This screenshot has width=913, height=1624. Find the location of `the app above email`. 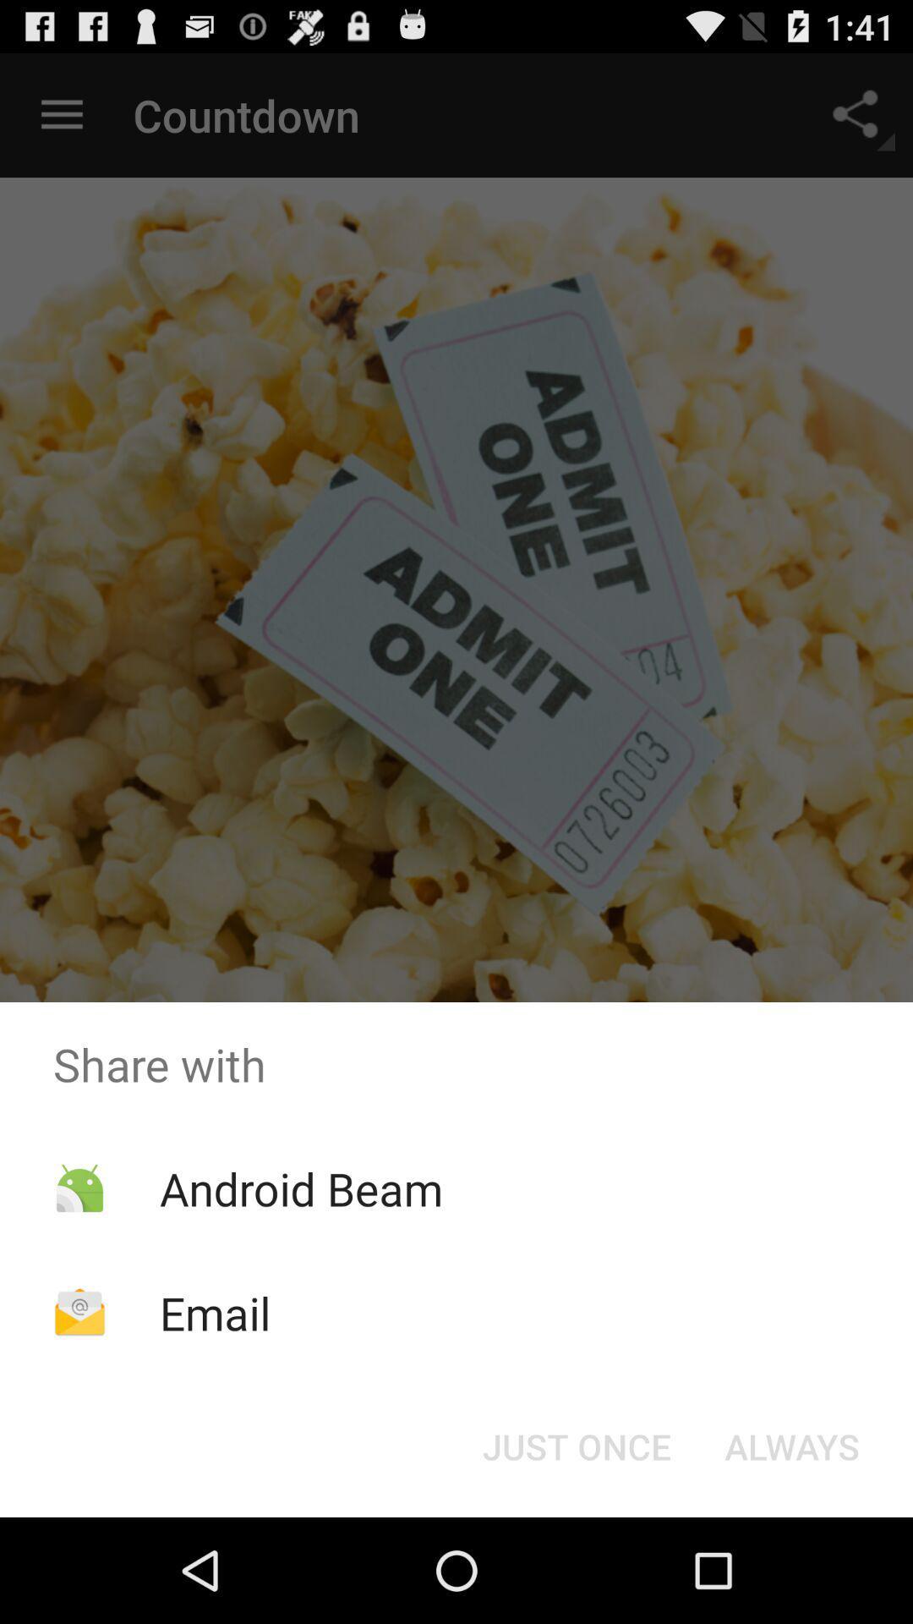

the app above email is located at coordinates (300, 1188).